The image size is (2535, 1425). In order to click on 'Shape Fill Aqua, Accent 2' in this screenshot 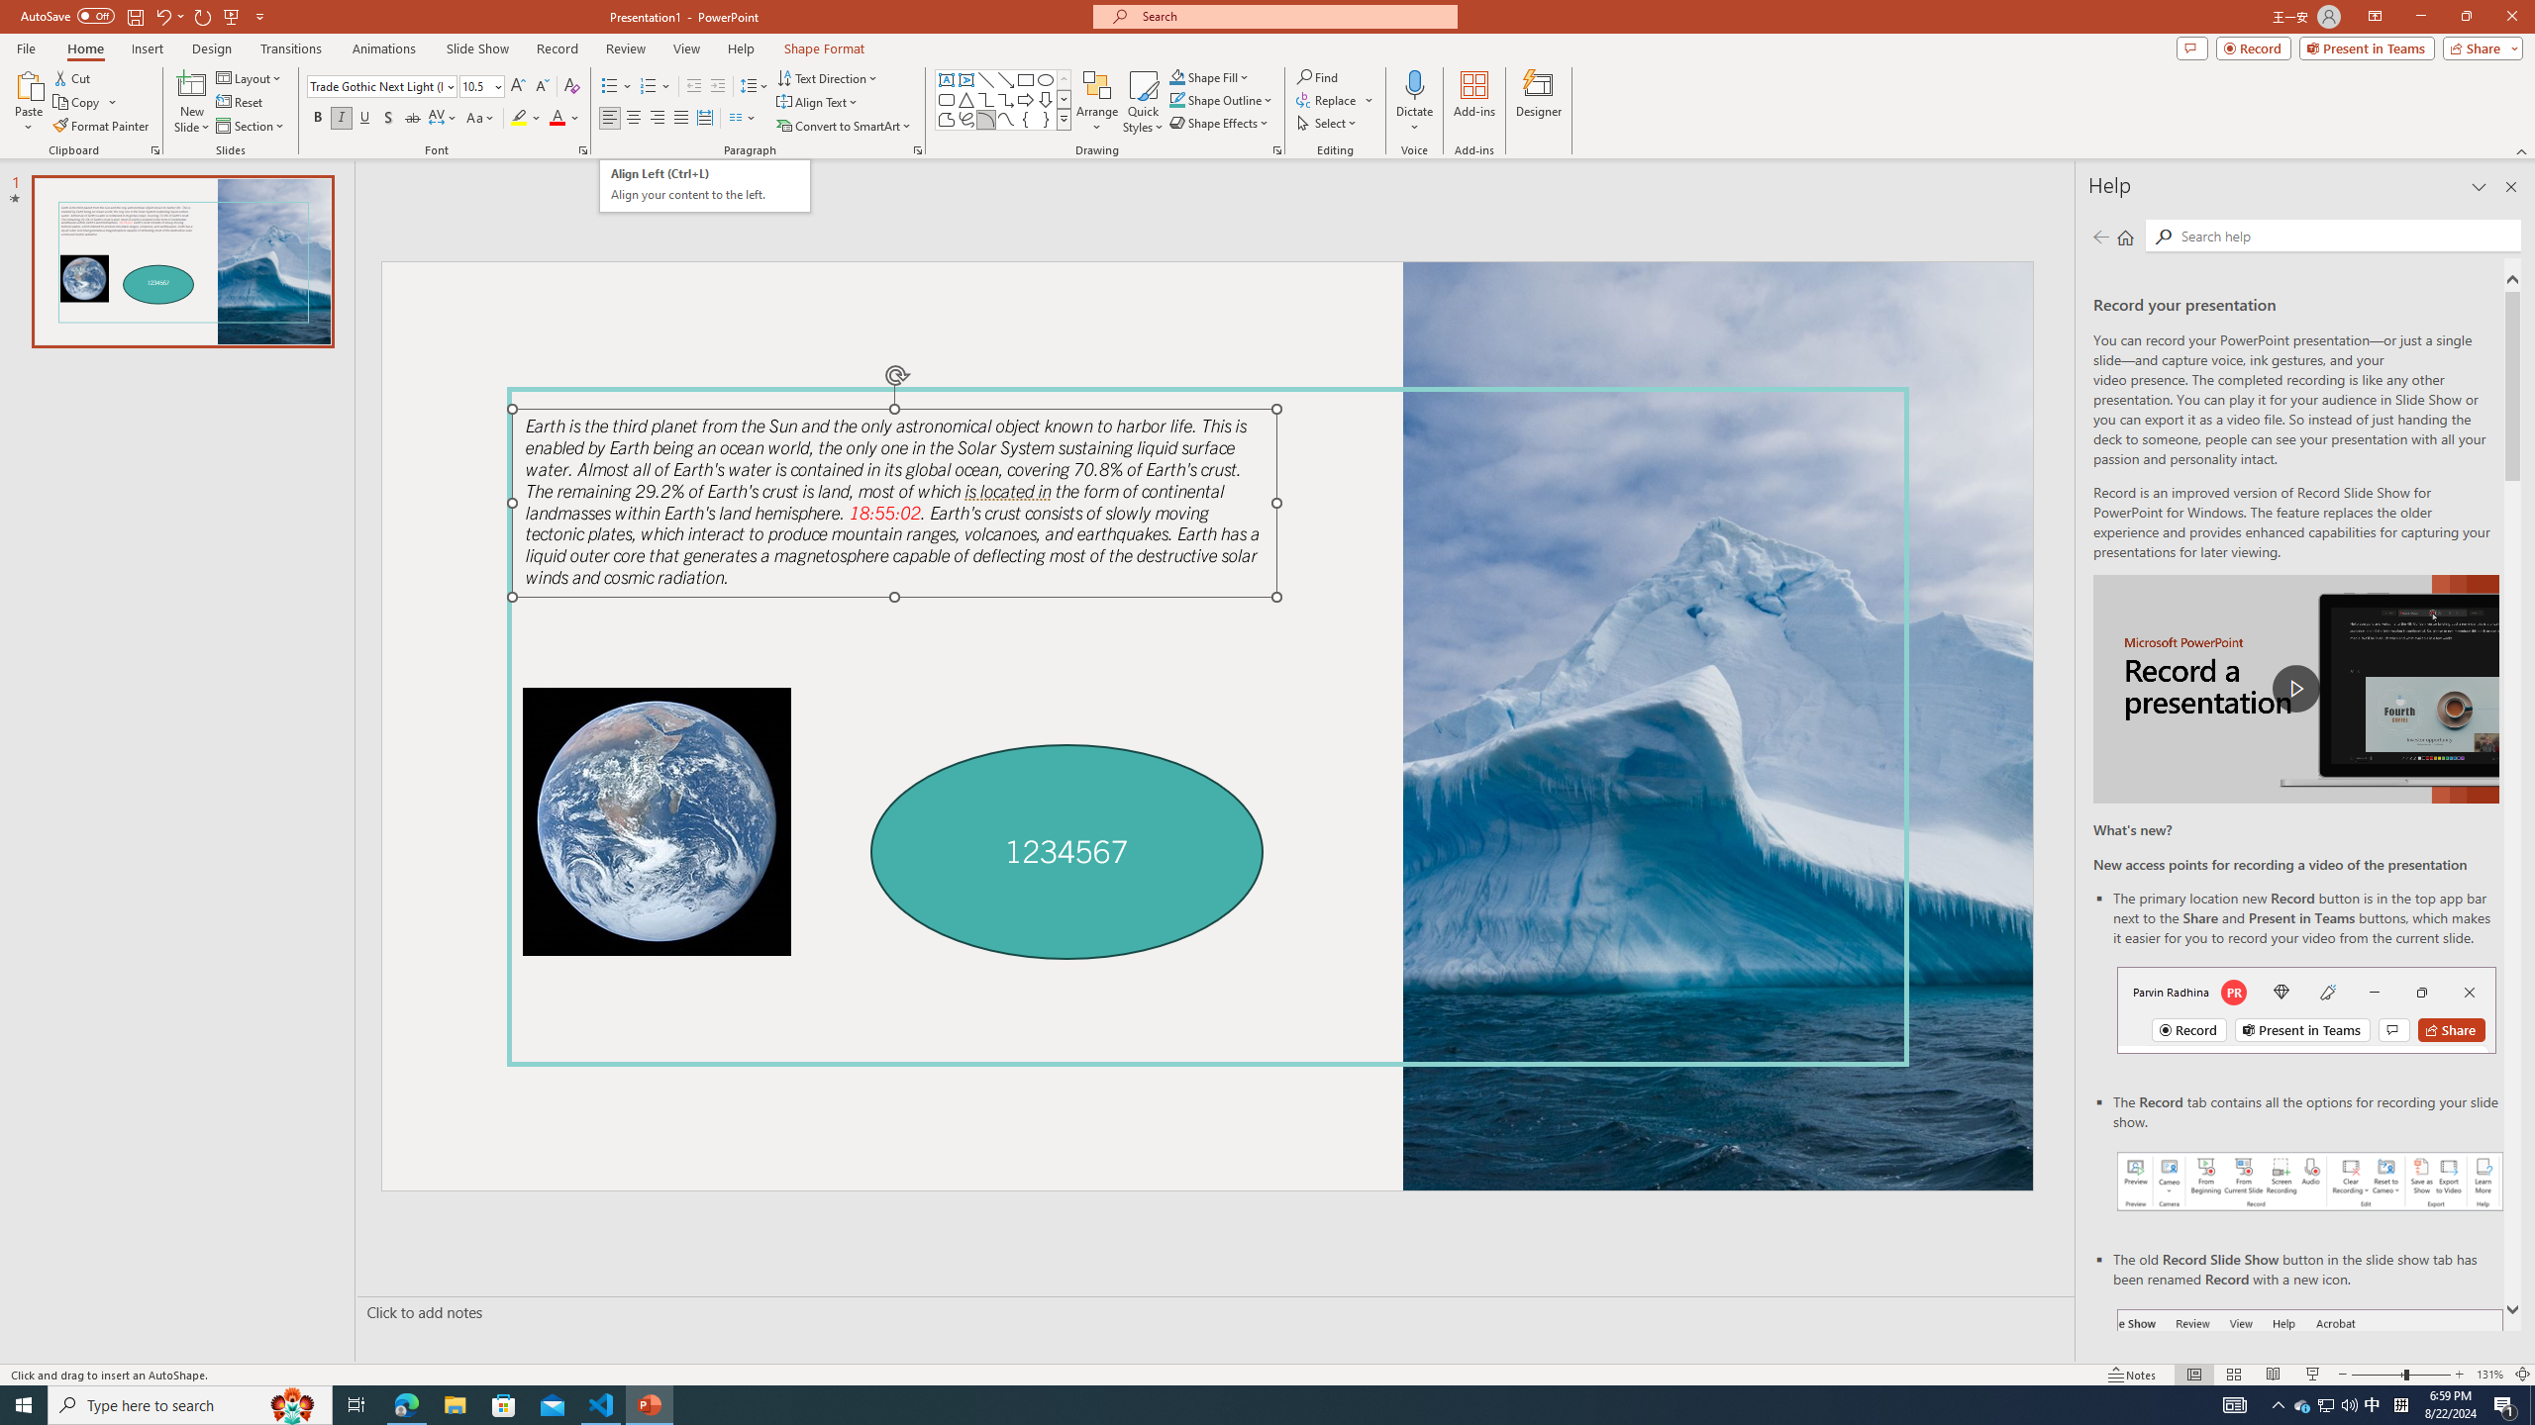, I will do `click(1177, 76)`.